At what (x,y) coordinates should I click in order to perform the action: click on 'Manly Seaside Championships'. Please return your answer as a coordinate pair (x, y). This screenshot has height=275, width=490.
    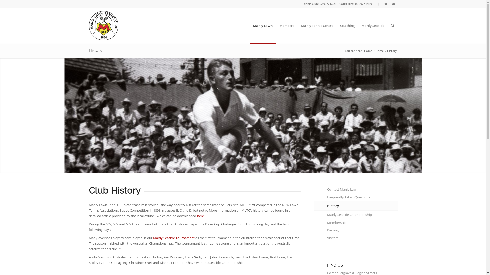
    Looking at the image, I should click on (362, 215).